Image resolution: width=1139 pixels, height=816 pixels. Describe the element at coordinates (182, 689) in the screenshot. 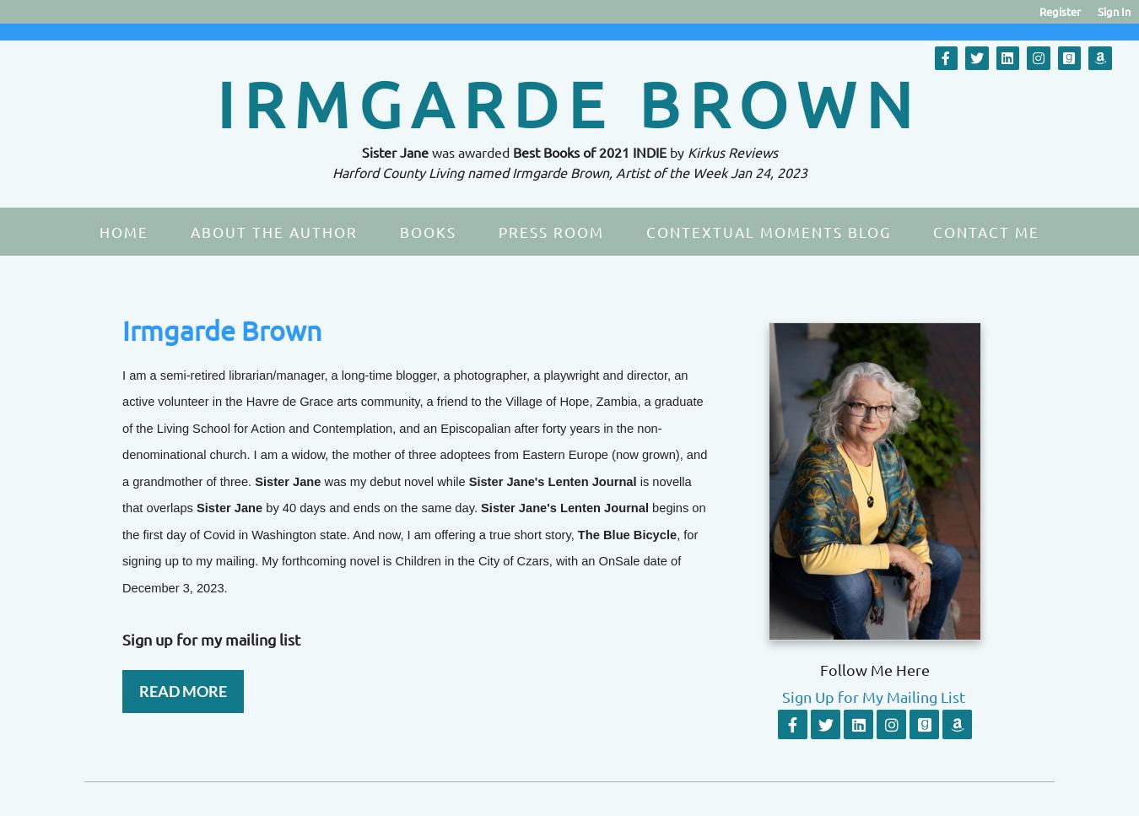

I see `'Read More'` at that location.